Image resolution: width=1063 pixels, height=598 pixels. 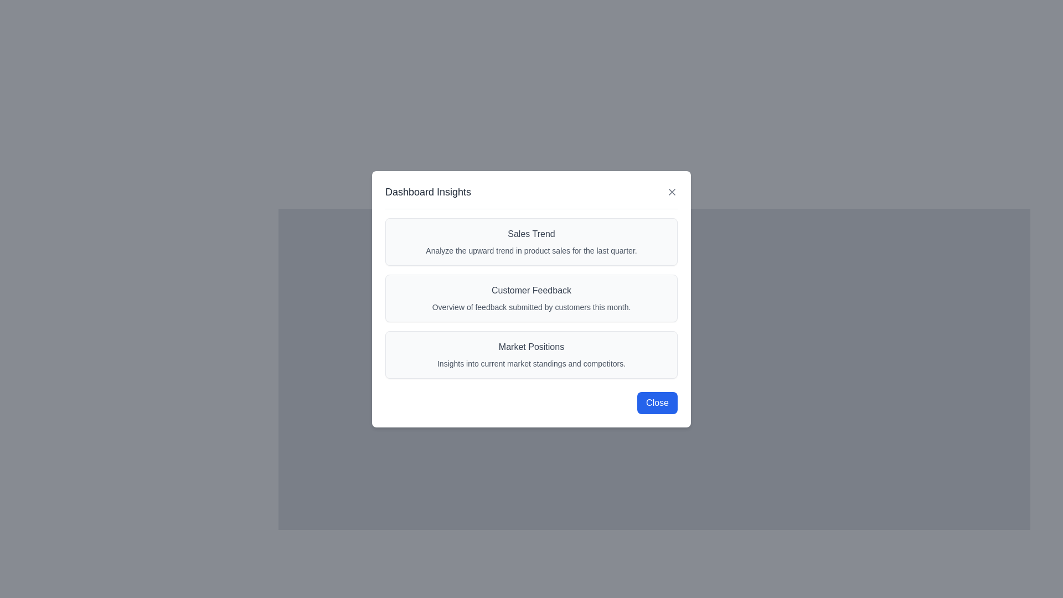 What do you see at coordinates (657, 403) in the screenshot?
I see `the 'Close' button located at the bottom-right corner of the modal` at bounding box center [657, 403].